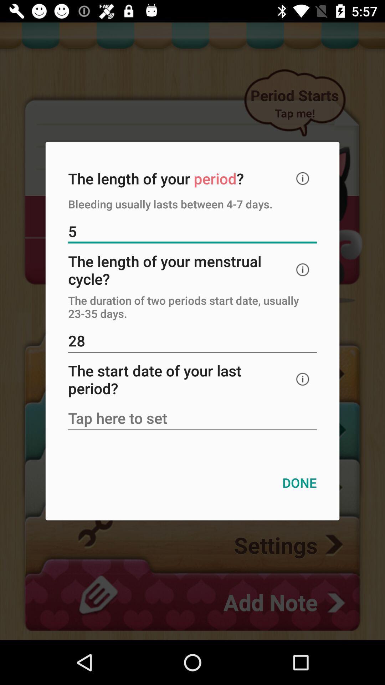 The height and width of the screenshot is (685, 385). Describe the element at coordinates (303, 178) in the screenshot. I see `the icon to the right of the the length of` at that location.